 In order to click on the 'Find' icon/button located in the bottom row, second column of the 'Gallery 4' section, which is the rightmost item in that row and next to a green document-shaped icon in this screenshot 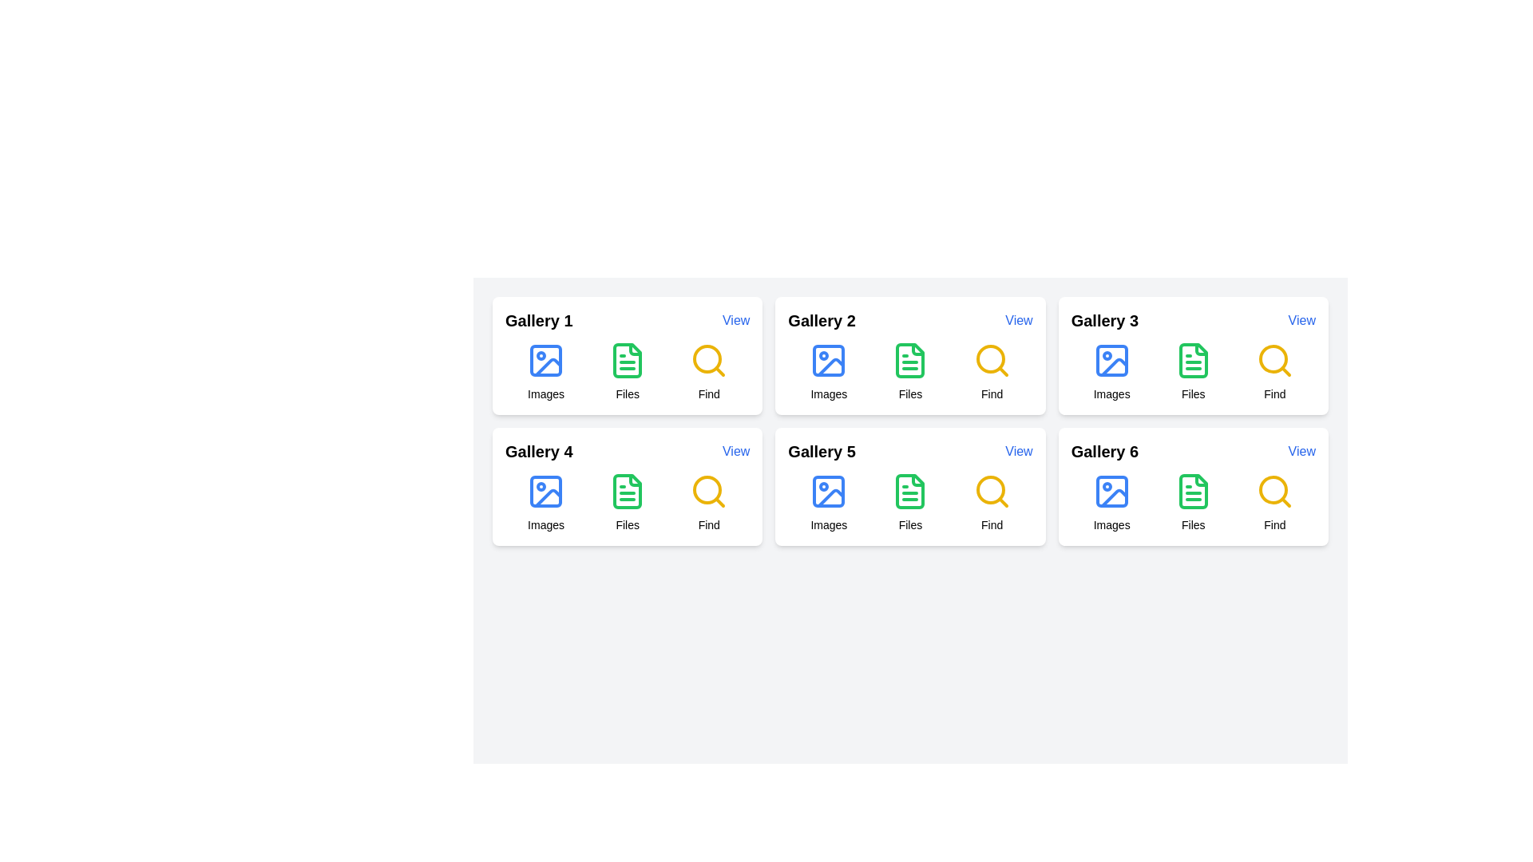, I will do `click(707, 488)`.